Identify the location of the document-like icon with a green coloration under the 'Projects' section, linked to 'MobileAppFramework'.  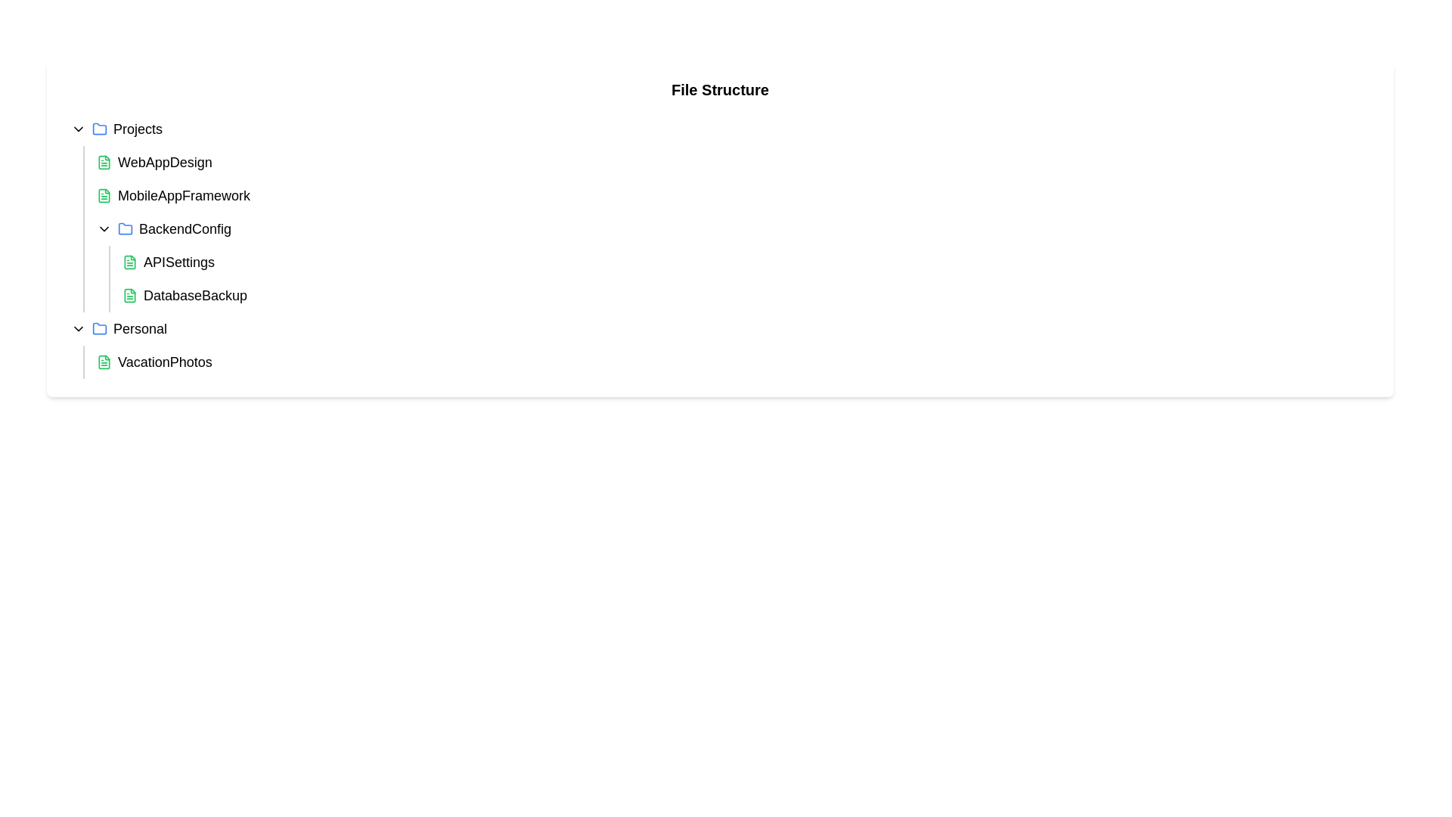
(104, 194).